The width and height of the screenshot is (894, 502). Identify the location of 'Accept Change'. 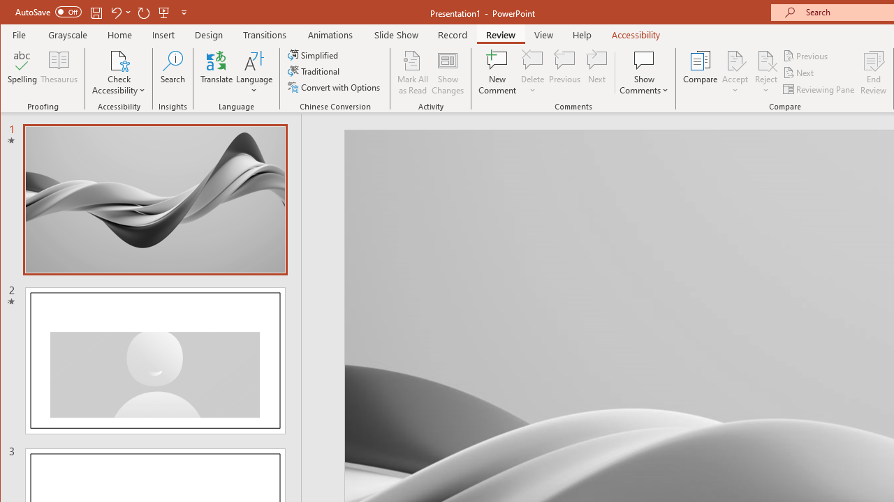
(734, 59).